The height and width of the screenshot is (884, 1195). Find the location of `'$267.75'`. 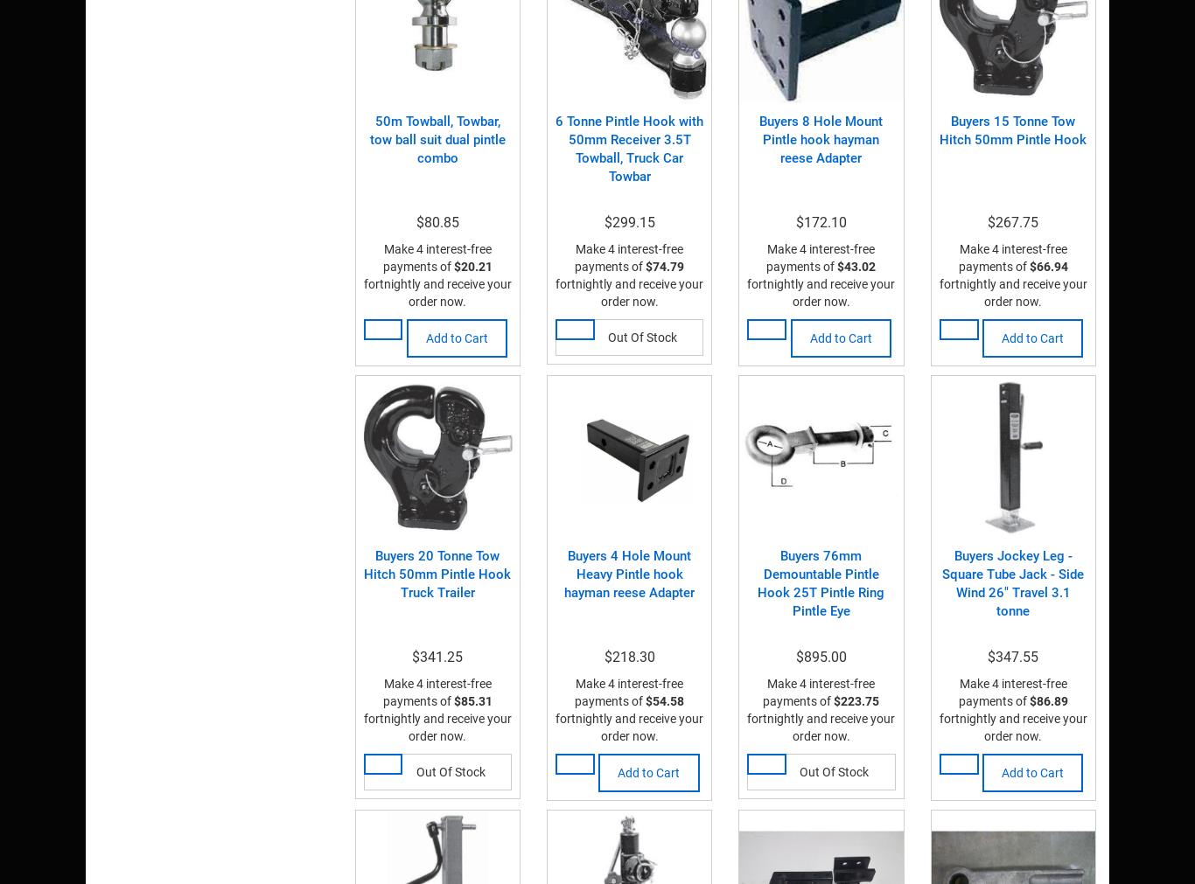

'$267.75' is located at coordinates (1012, 221).